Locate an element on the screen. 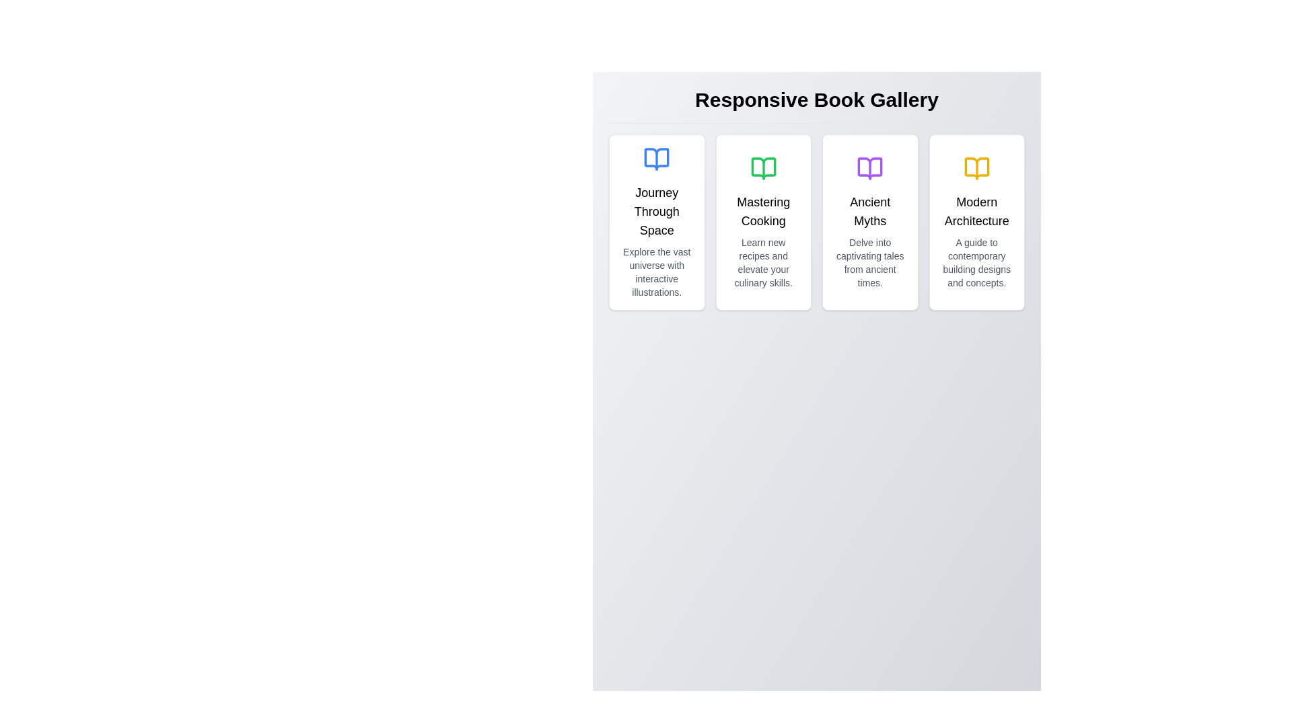 Image resolution: width=1292 pixels, height=726 pixels. the text label reading 'Modern Architecture' is located at coordinates (976, 212).